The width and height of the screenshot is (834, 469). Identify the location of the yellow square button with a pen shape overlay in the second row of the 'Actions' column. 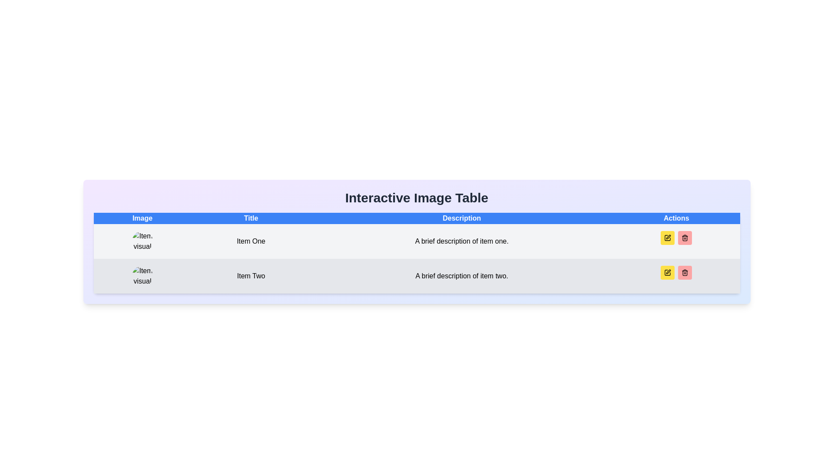
(667, 272).